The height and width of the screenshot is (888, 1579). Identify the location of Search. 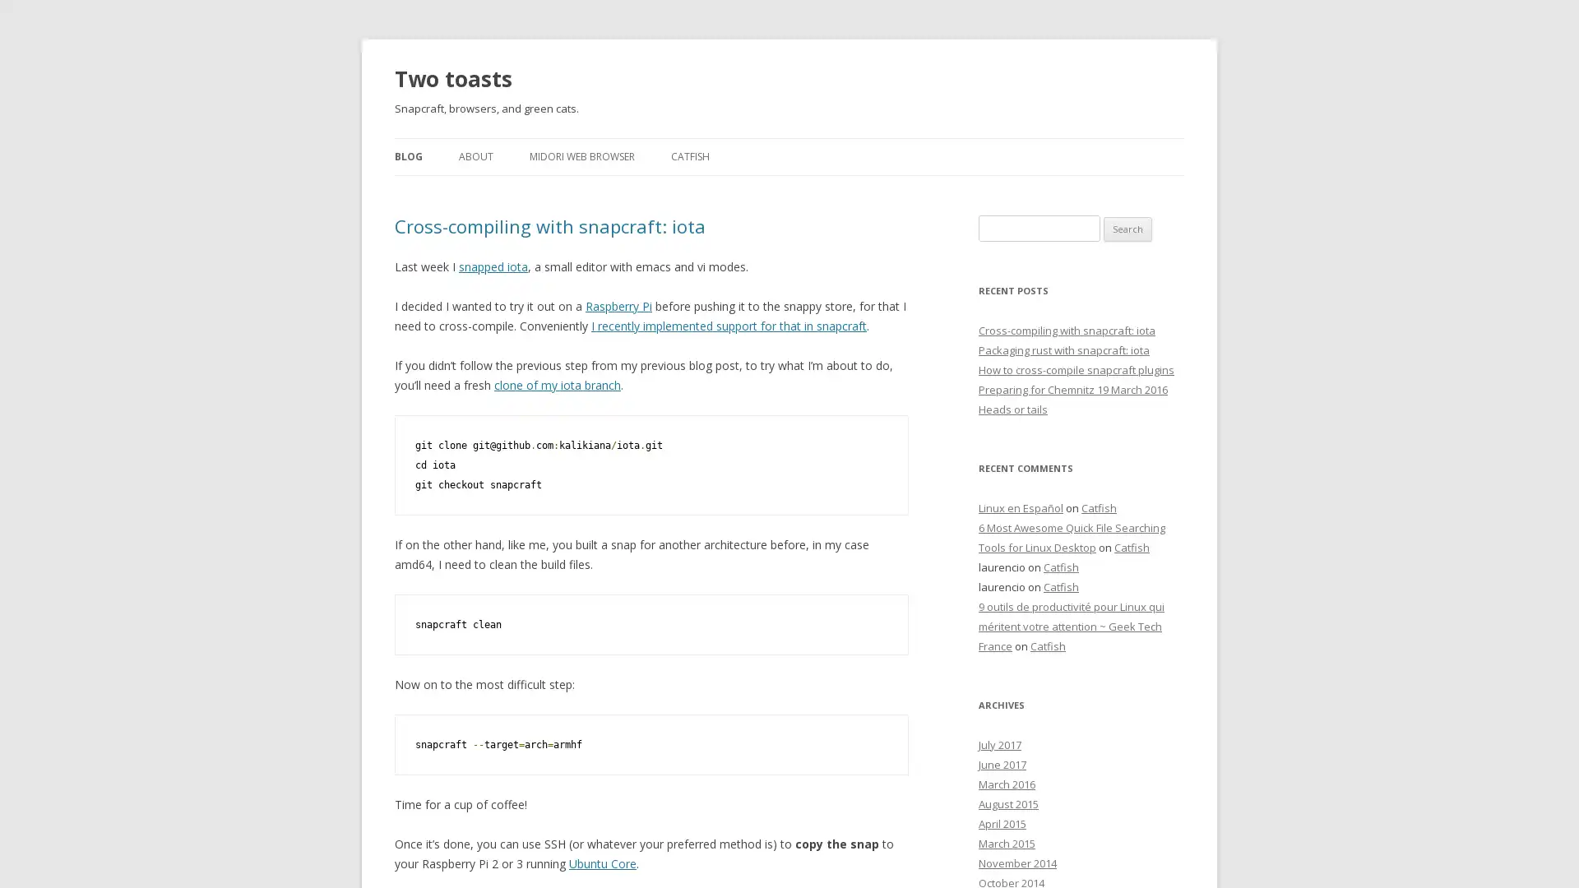
(1127, 229).